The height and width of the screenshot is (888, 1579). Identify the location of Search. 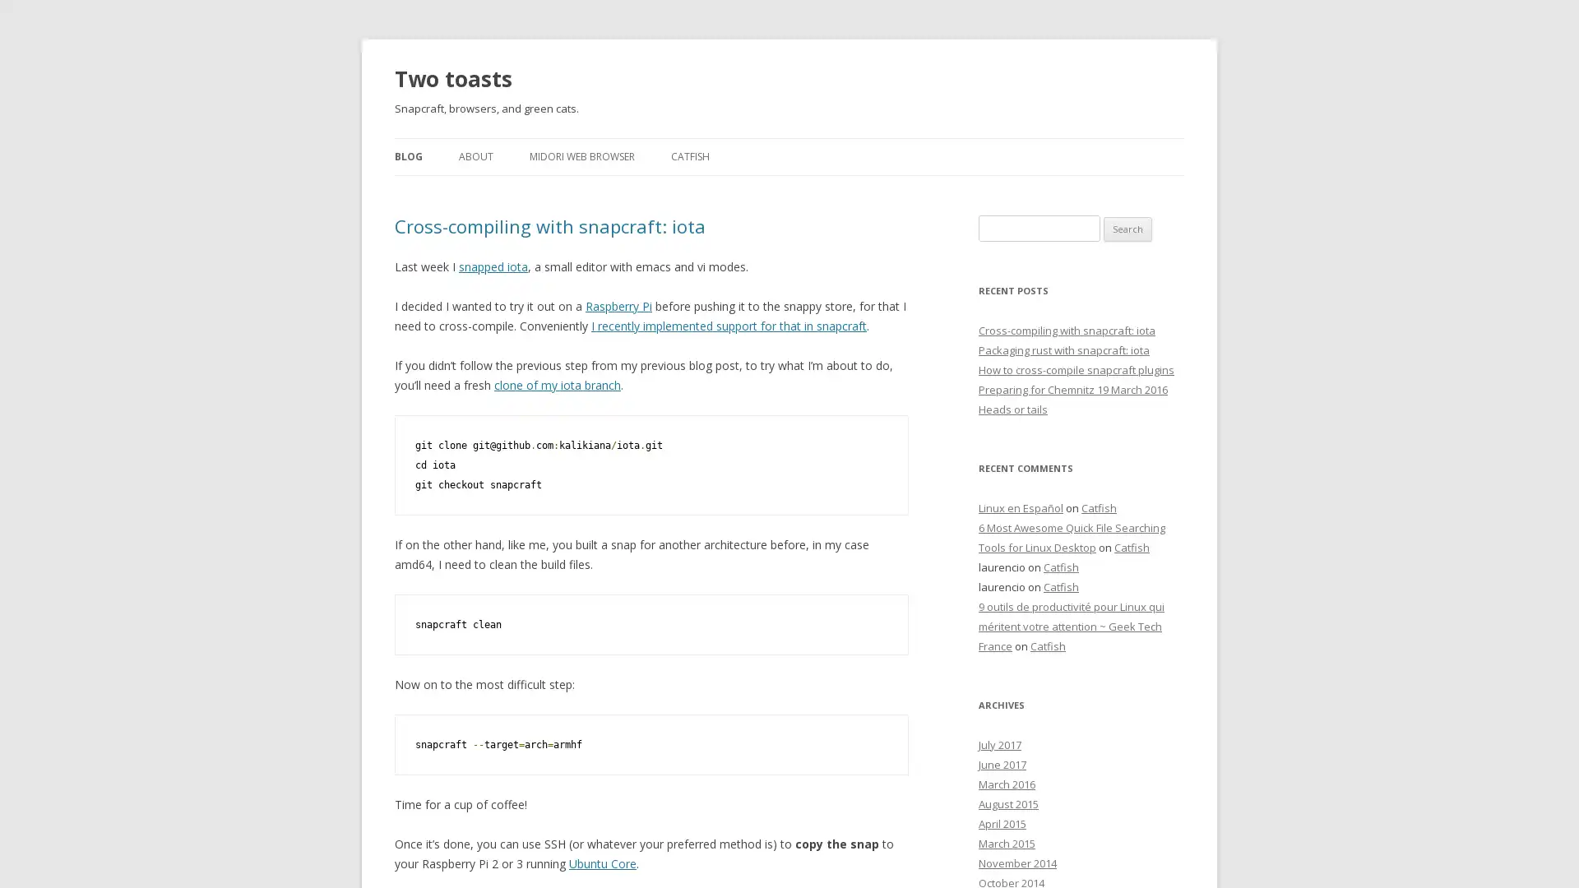
(1127, 229).